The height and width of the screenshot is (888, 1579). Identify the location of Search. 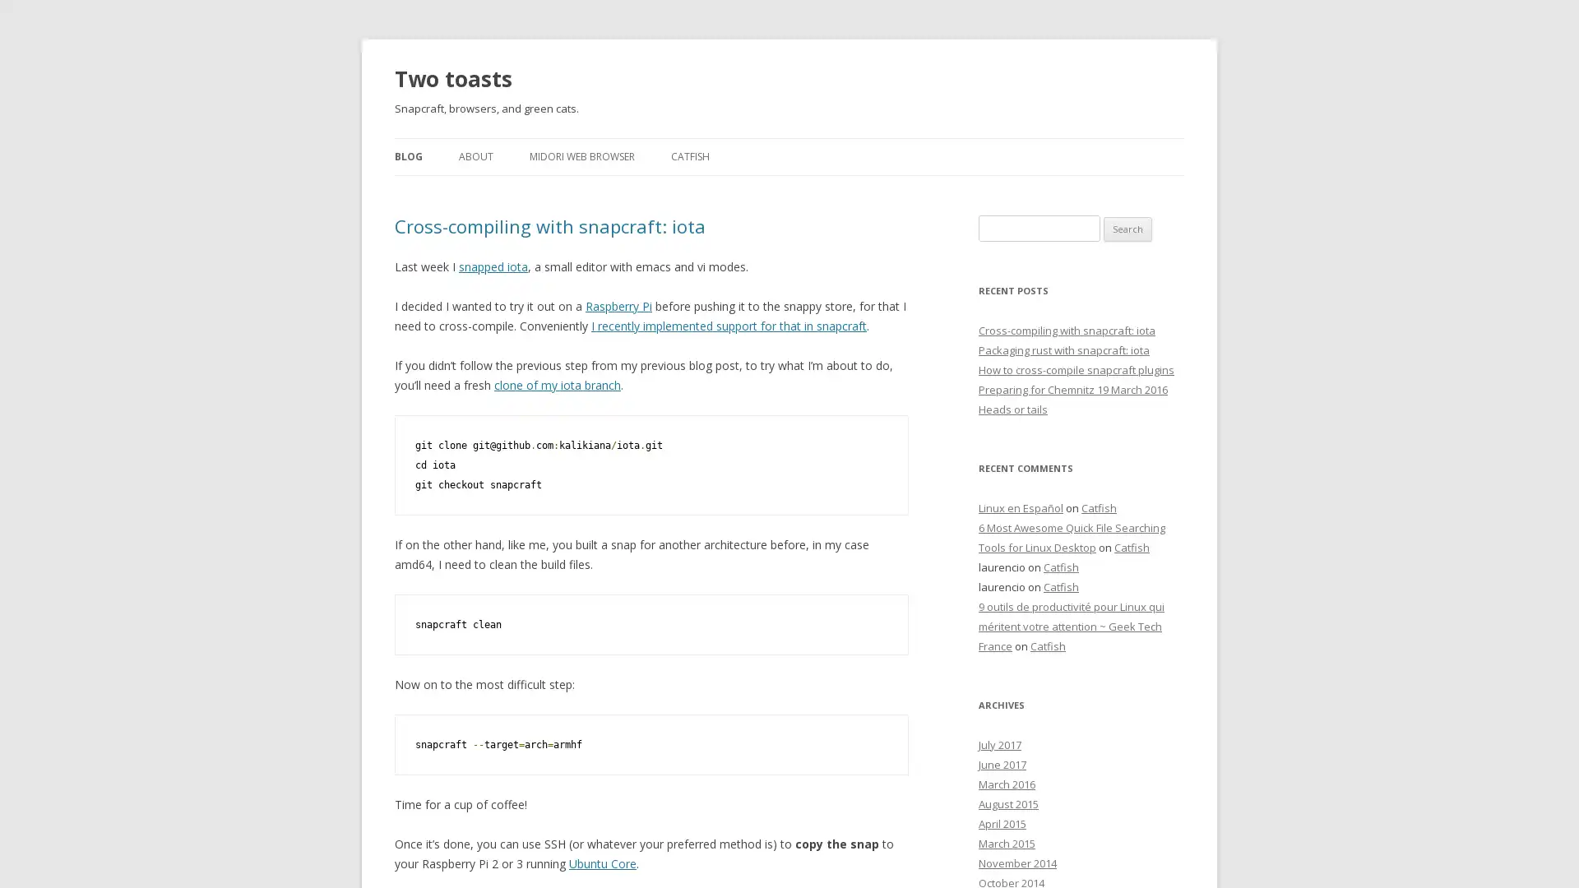
(1127, 229).